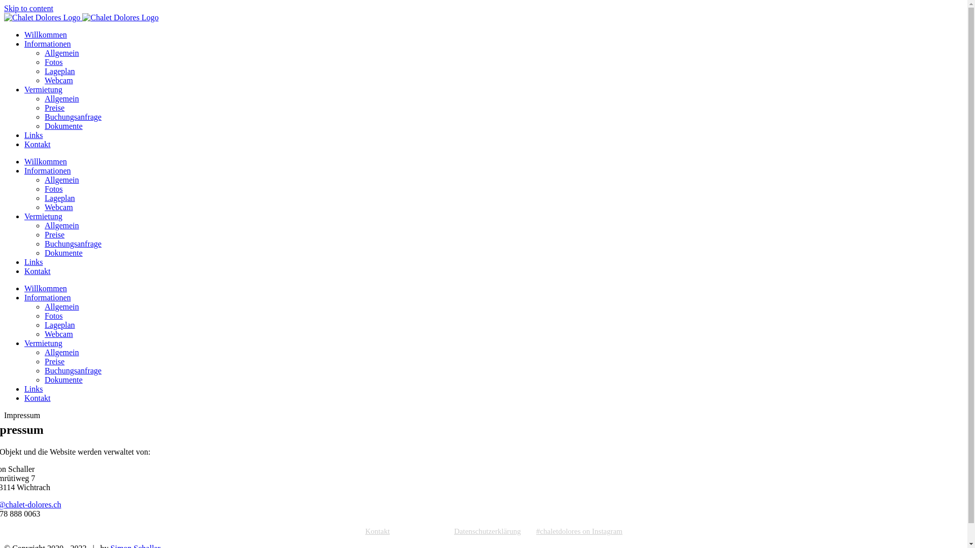  I want to click on '#chaletdolores on Instagram', so click(536, 531).